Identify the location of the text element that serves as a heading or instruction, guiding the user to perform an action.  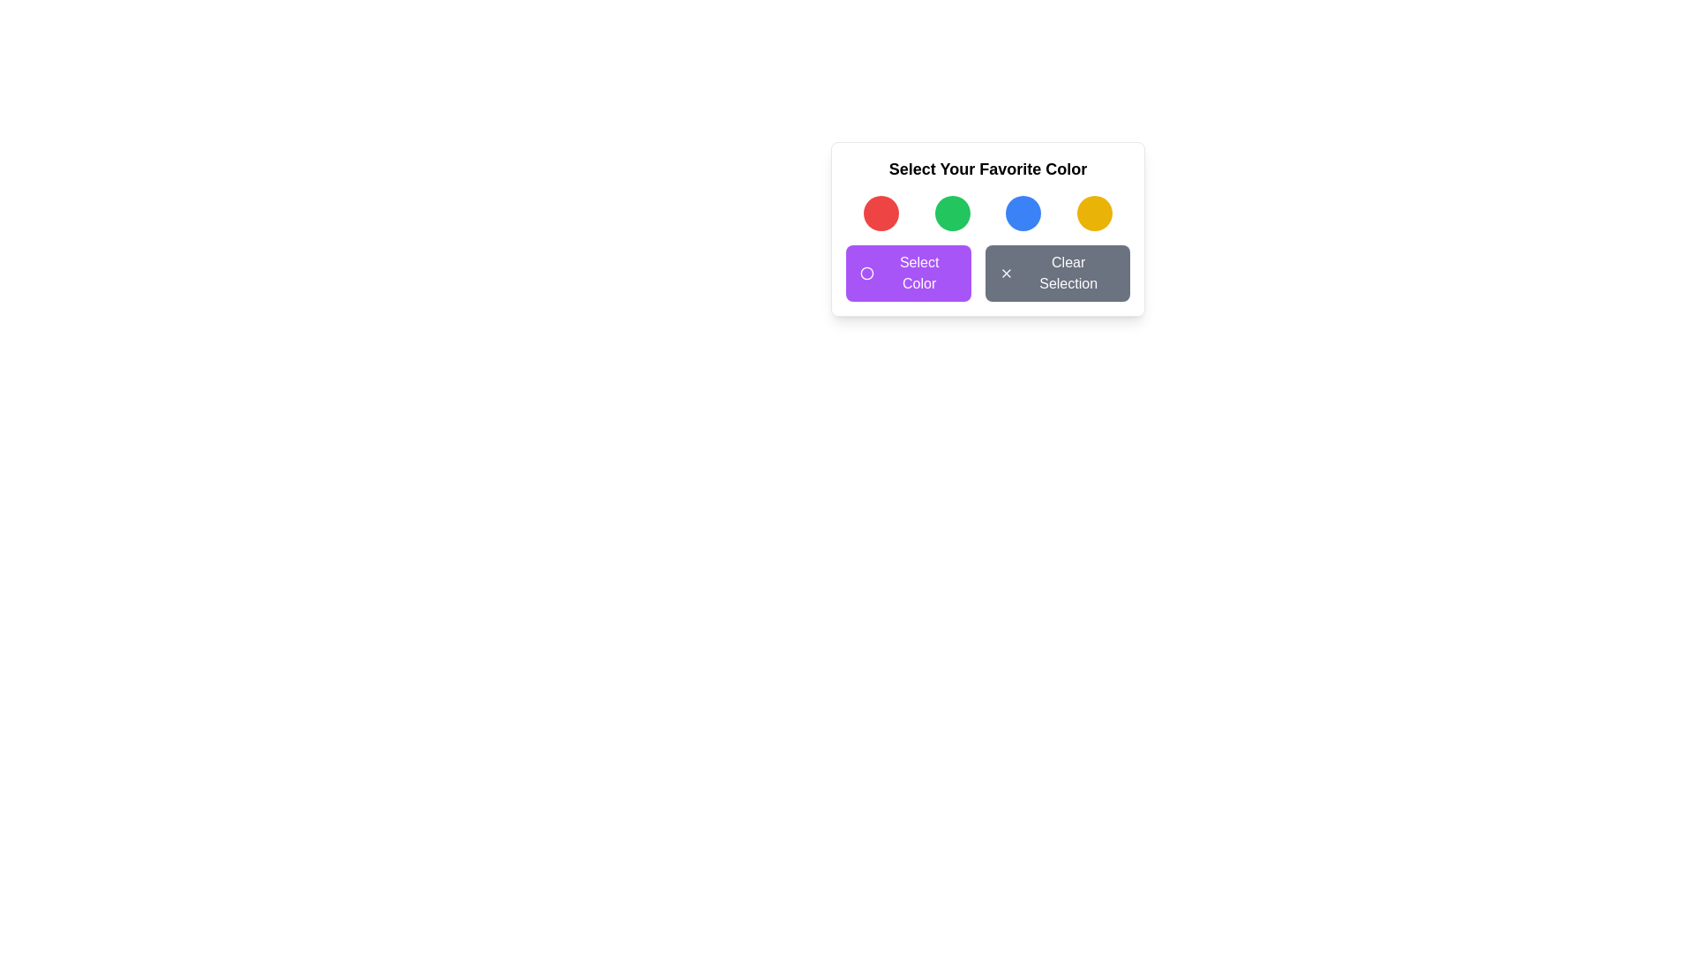
(986, 169).